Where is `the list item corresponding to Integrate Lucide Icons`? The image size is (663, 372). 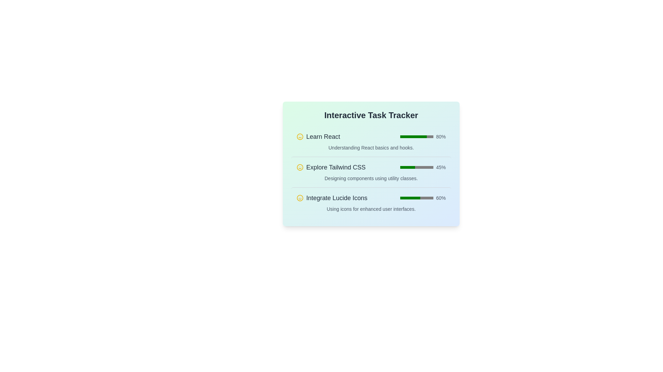
the list item corresponding to Integrate Lucide Icons is located at coordinates (371, 202).